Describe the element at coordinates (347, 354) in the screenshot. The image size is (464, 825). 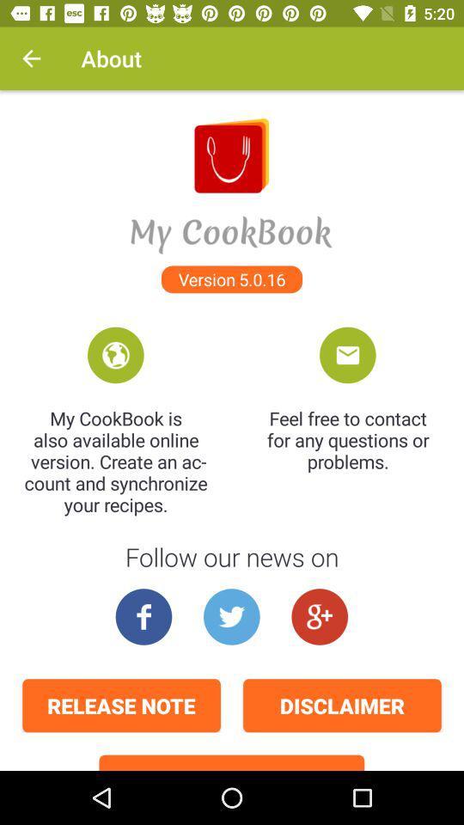
I see `the email icon` at that location.